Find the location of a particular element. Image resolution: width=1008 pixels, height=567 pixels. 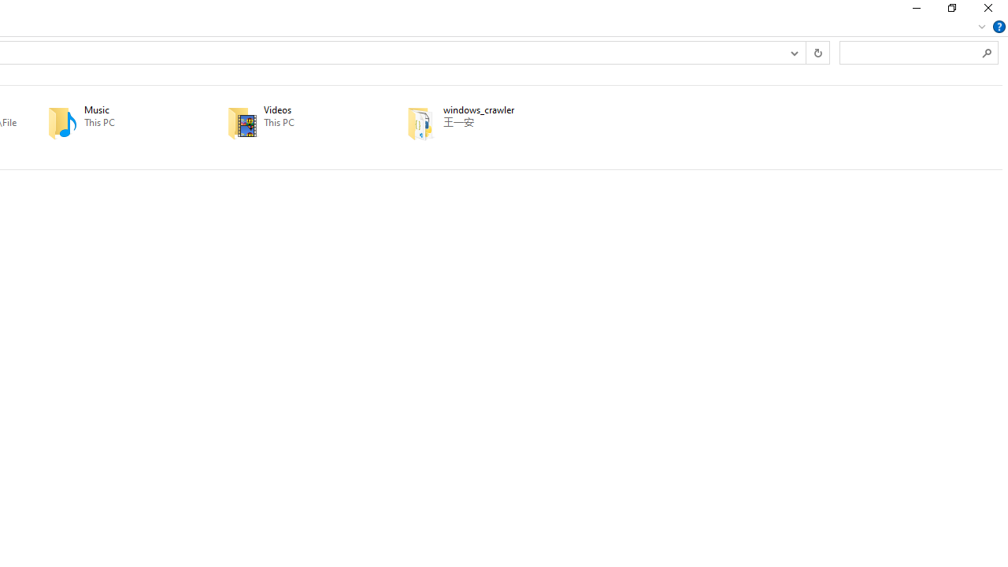

'Refresh "Quick access" (F5)' is located at coordinates (817, 51).